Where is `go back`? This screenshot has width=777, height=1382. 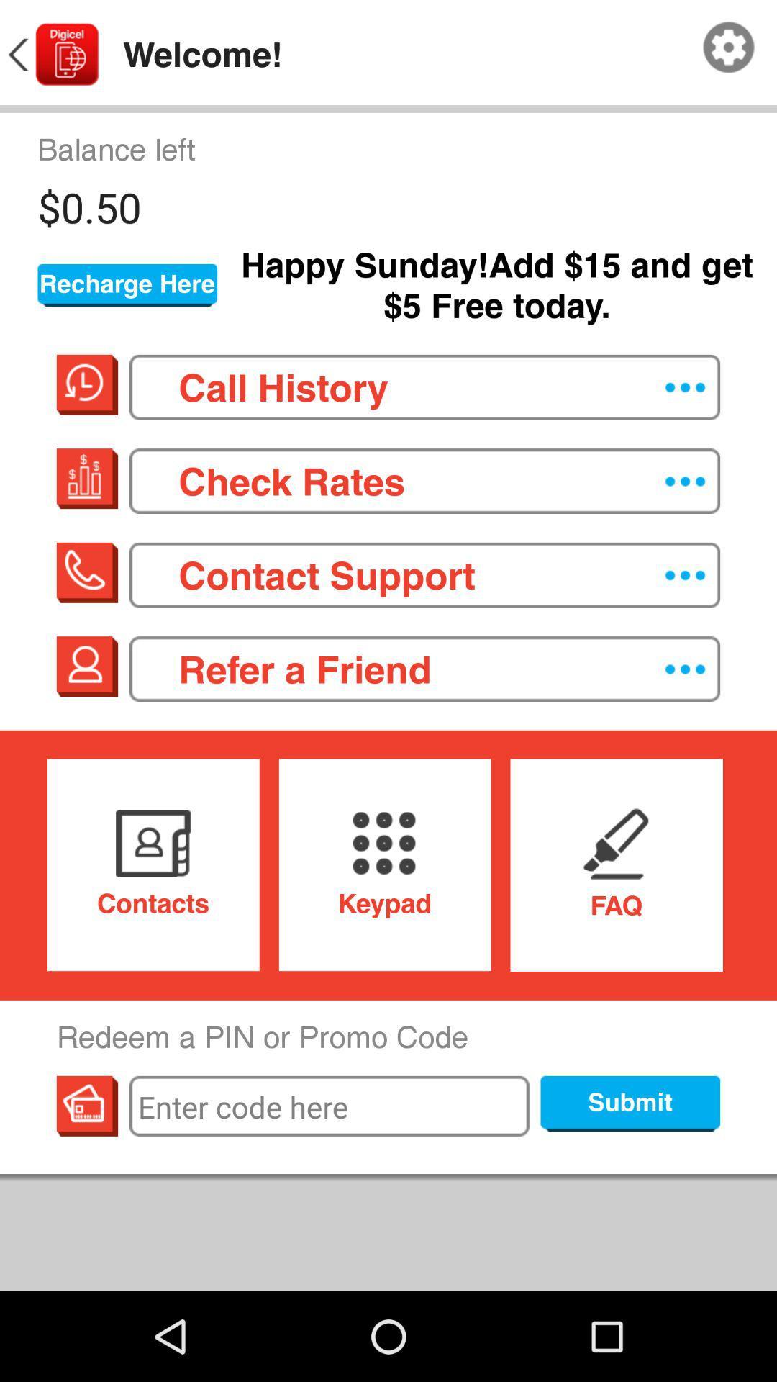
go back is located at coordinates (51, 55).